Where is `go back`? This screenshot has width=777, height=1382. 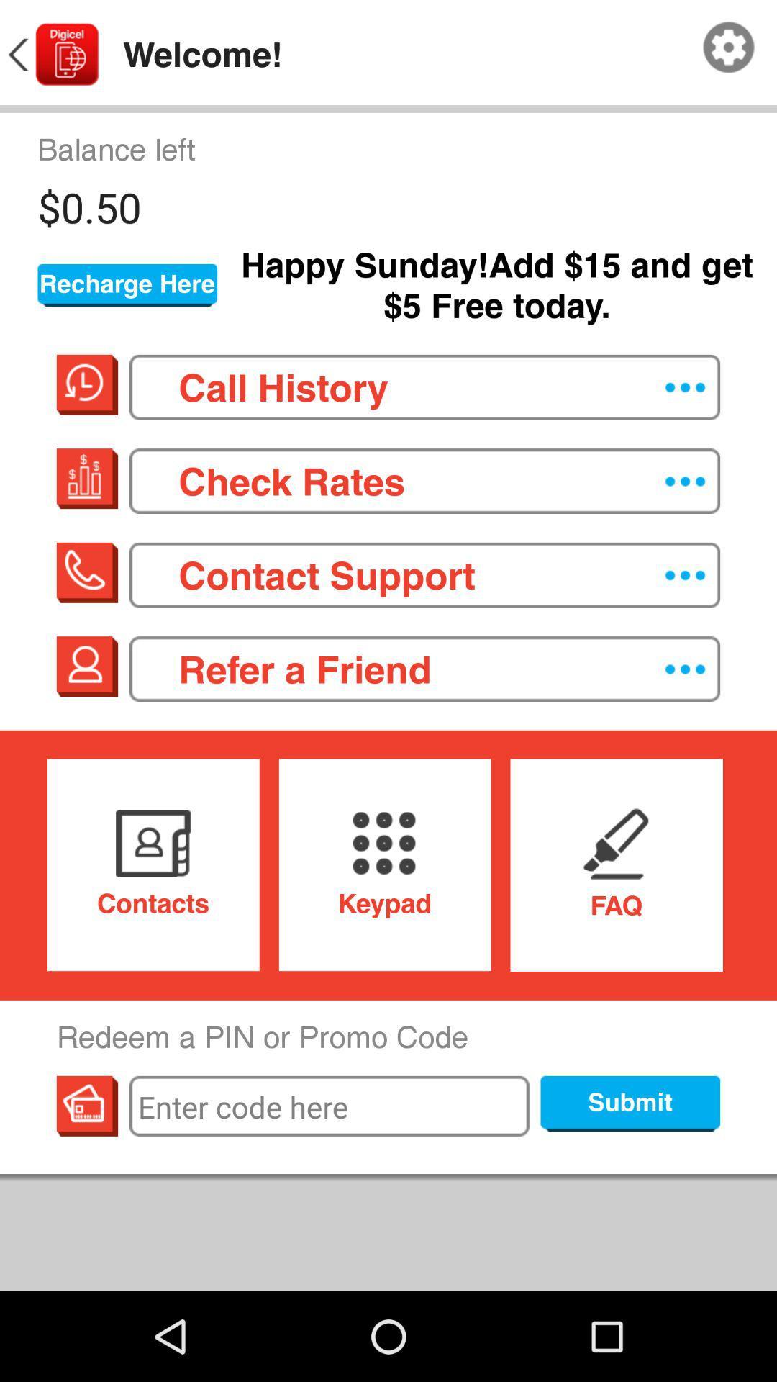
go back is located at coordinates (51, 55).